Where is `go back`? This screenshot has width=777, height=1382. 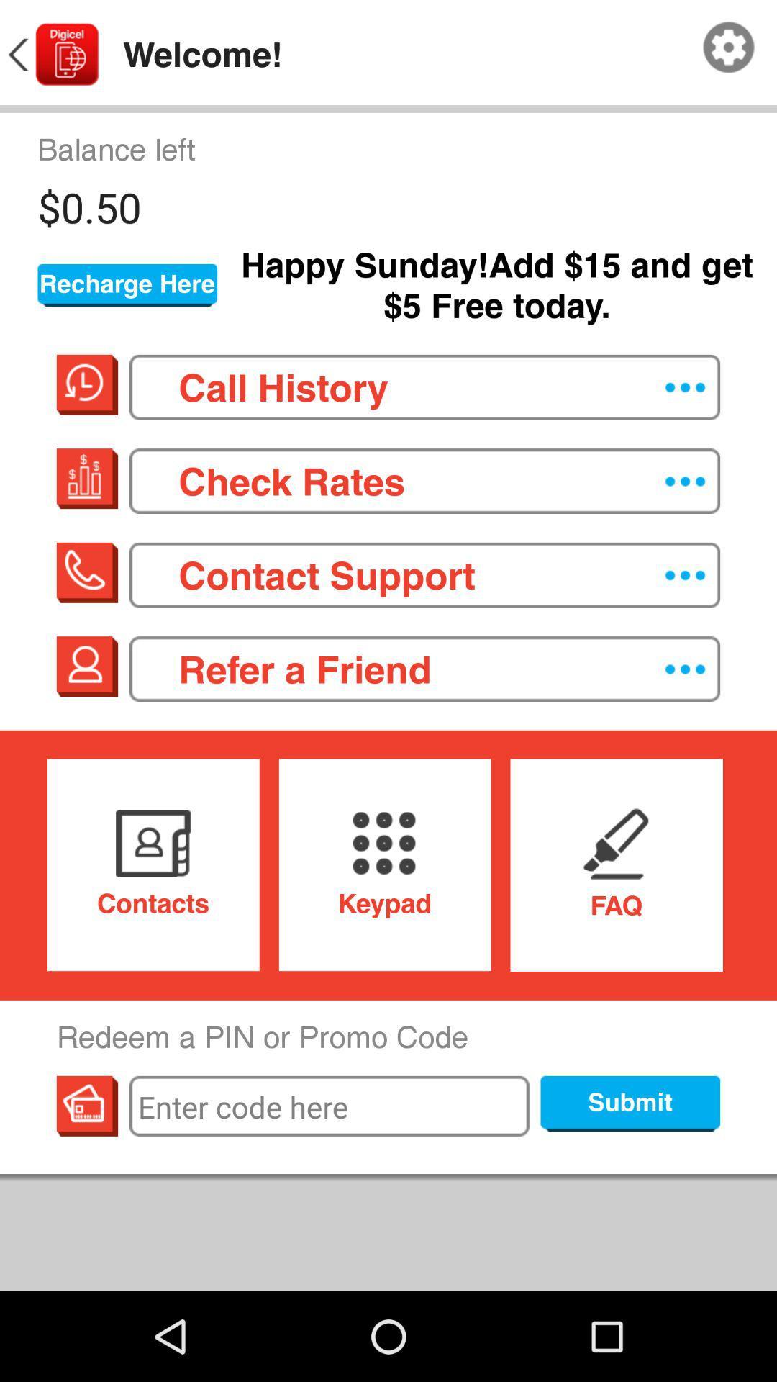
go back is located at coordinates (51, 55).